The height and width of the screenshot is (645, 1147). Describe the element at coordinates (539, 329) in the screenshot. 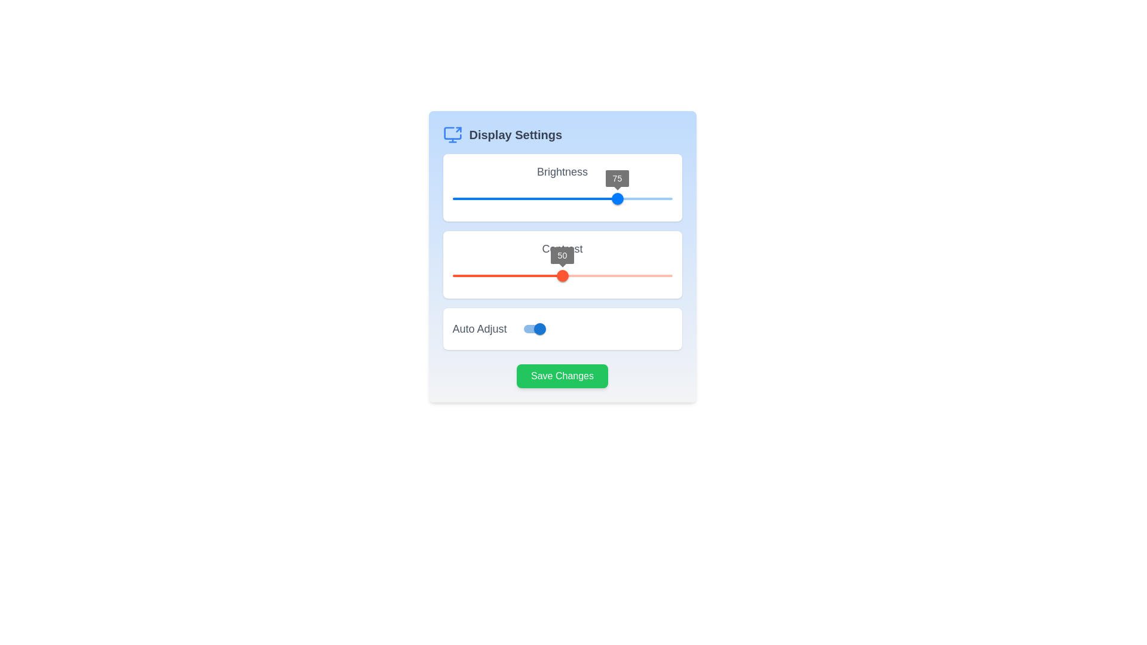

I see `the toggle switch thumb located under the 'Auto Adjust' label in the 'Display Settings' panel` at that location.